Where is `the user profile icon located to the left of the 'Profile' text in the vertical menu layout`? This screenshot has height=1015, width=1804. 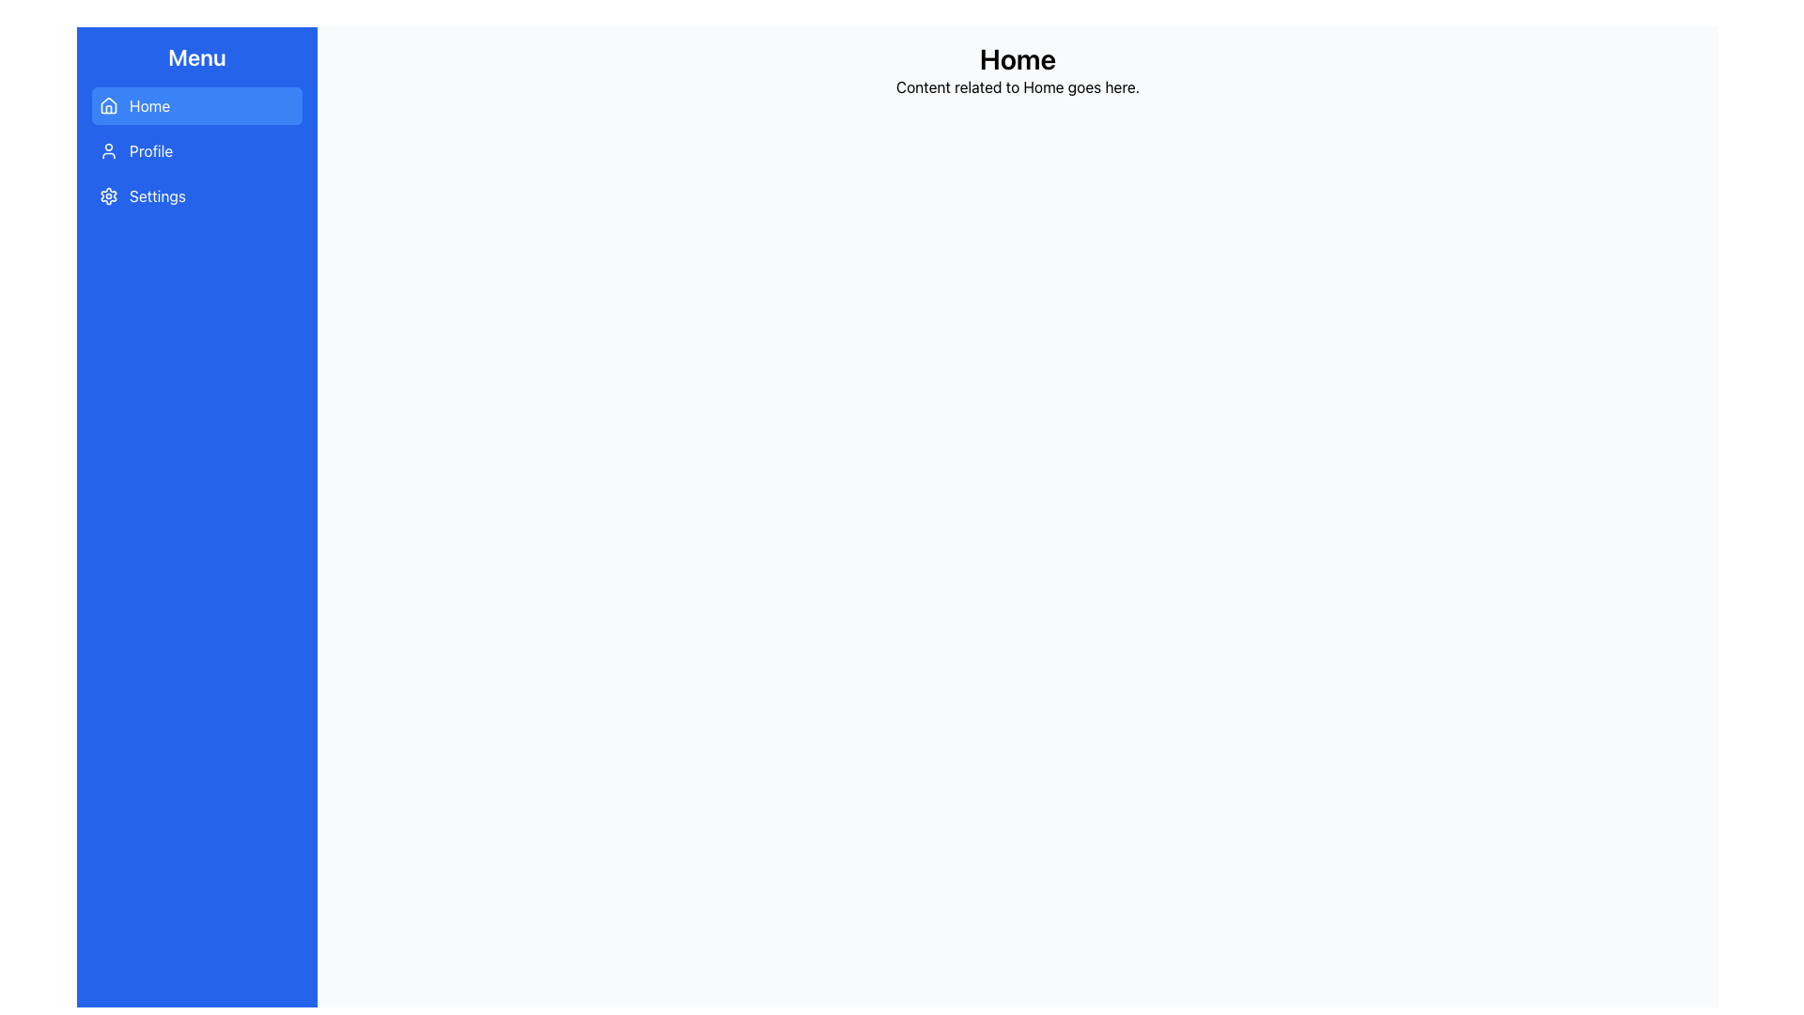 the user profile icon located to the left of the 'Profile' text in the vertical menu layout is located at coordinates (107, 150).